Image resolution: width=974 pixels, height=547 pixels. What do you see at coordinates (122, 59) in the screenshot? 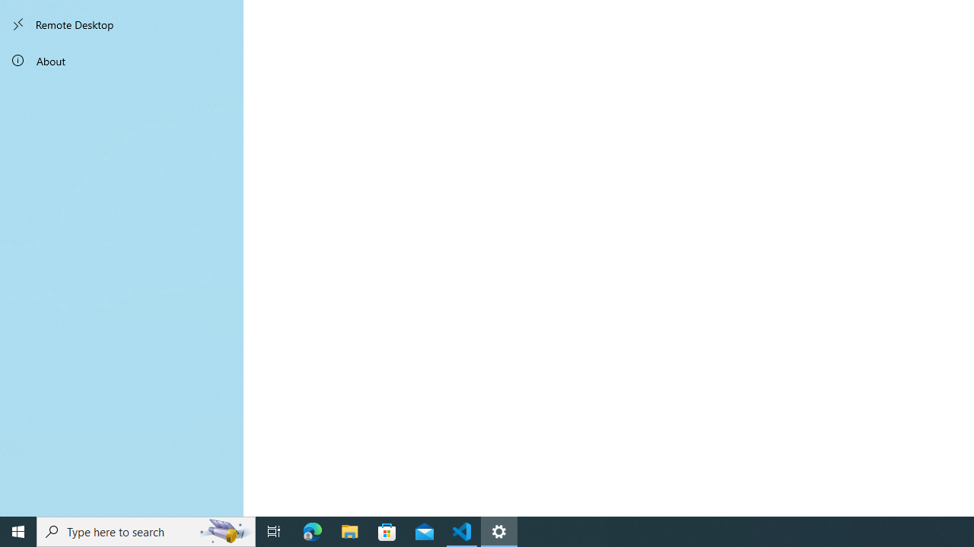
I see `'About'` at bounding box center [122, 59].